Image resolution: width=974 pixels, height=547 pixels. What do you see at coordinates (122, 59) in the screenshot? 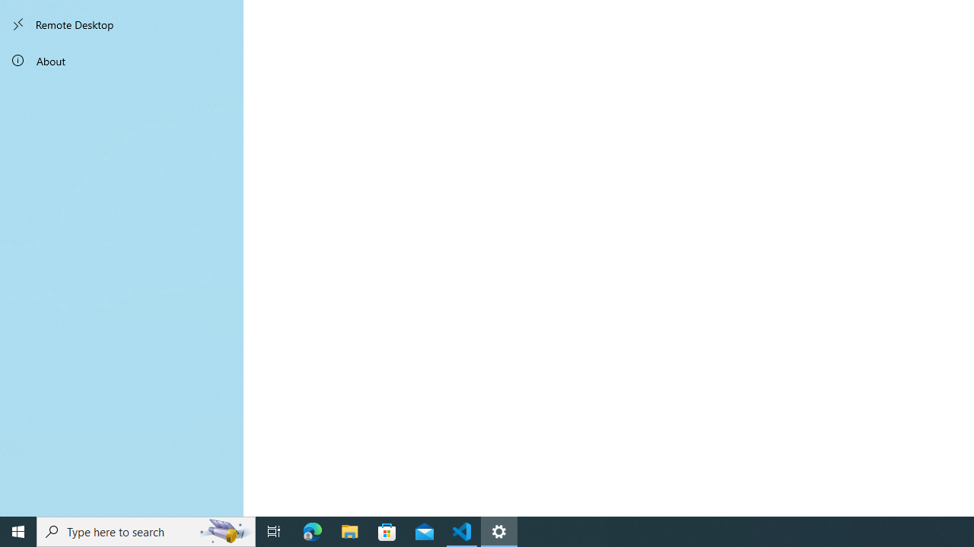
I see `'About'` at bounding box center [122, 59].